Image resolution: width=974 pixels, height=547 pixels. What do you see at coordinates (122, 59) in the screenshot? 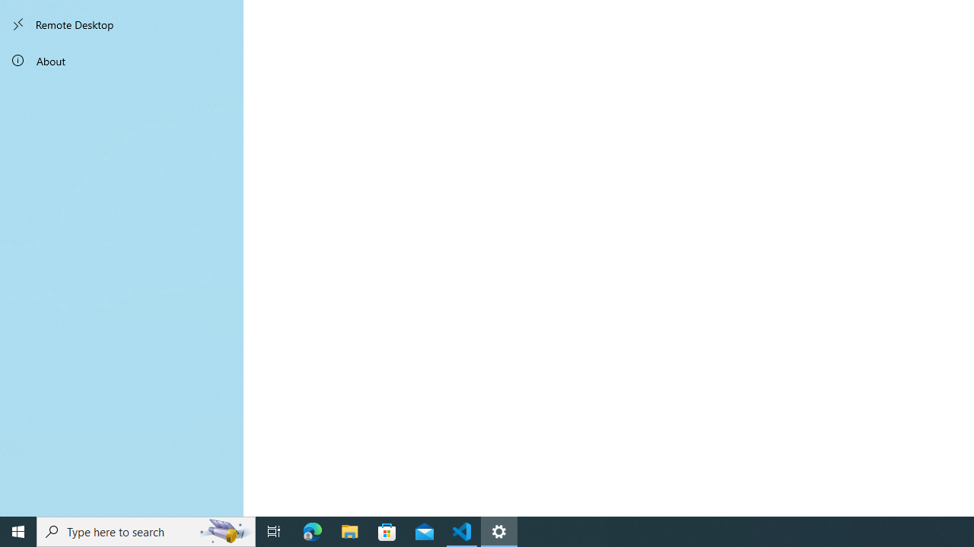
I see `'About'` at bounding box center [122, 59].